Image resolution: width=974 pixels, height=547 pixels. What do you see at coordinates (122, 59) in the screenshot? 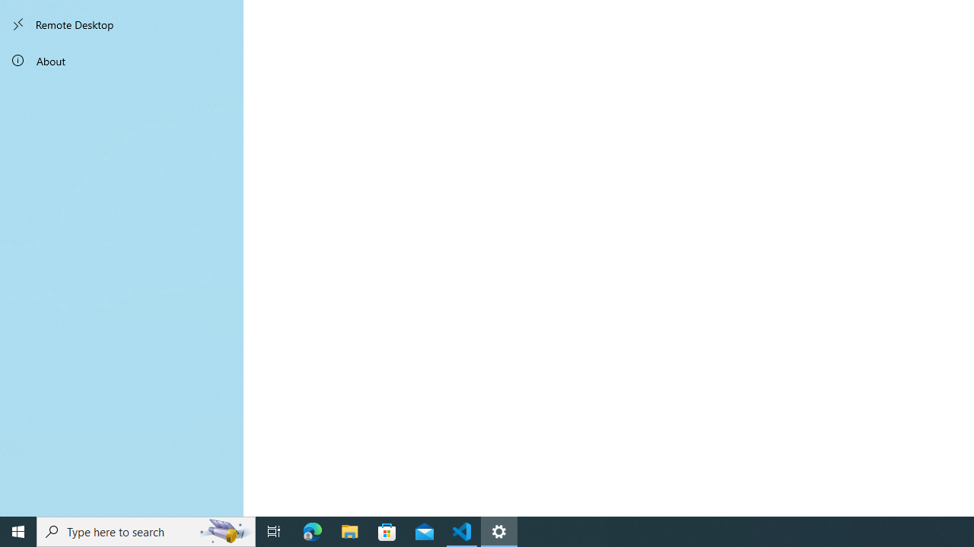
I see `'About'` at bounding box center [122, 59].